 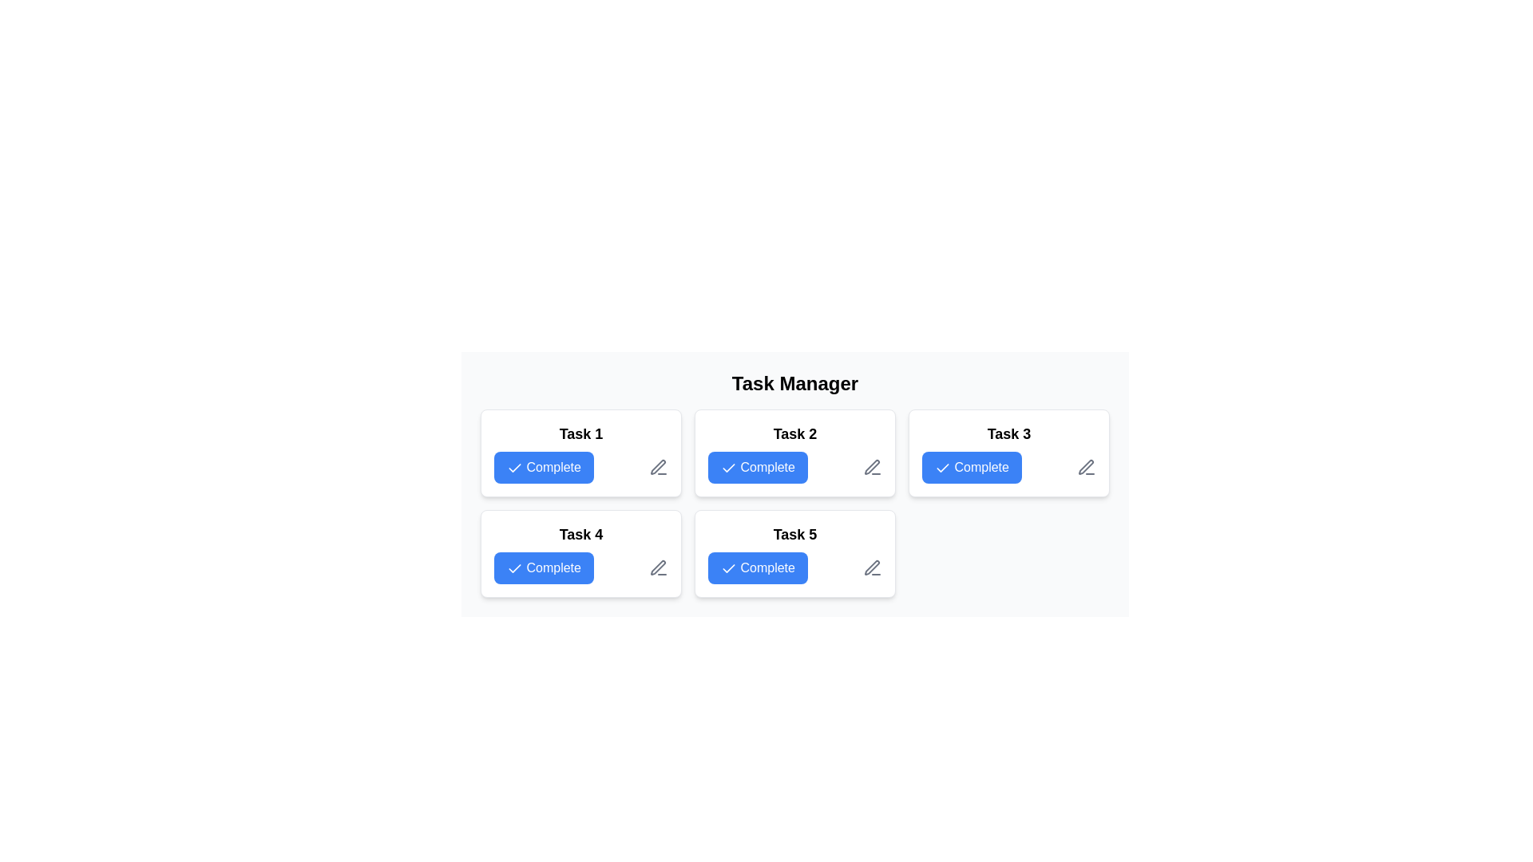 What do you see at coordinates (795, 384) in the screenshot?
I see `the Header text that serves as the title for the task management tool interface, located at the top of the layout and centered horizontally` at bounding box center [795, 384].